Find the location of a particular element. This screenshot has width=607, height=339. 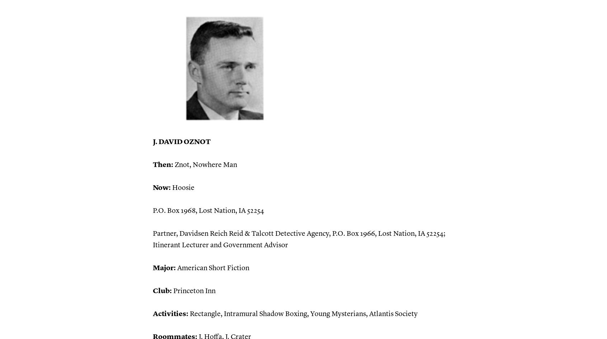

'American Short Fiction' is located at coordinates (212, 268).